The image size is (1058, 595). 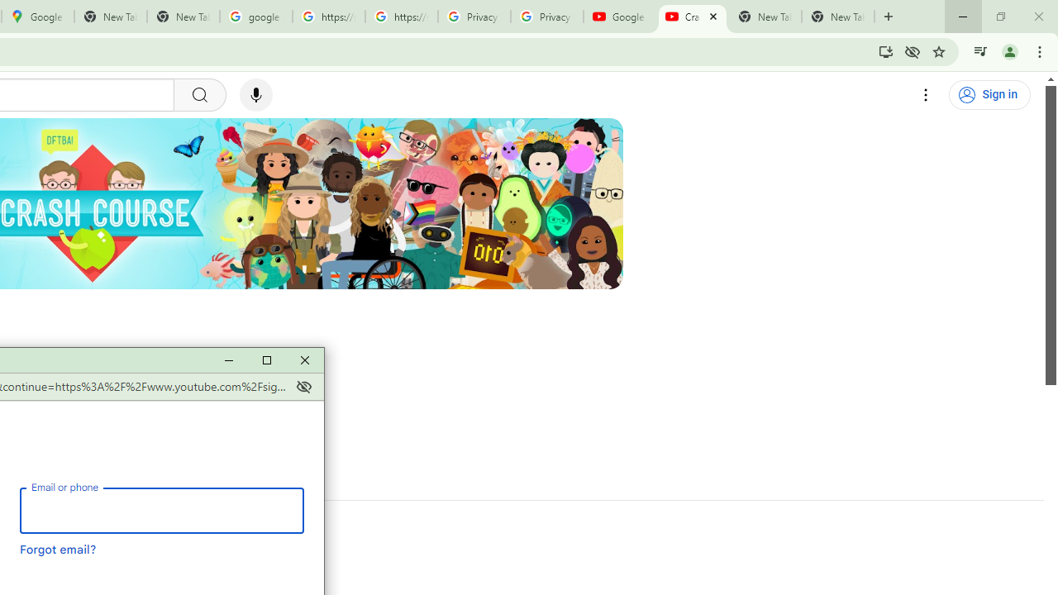 What do you see at coordinates (161, 509) in the screenshot?
I see `'Email or phone'` at bounding box center [161, 509].